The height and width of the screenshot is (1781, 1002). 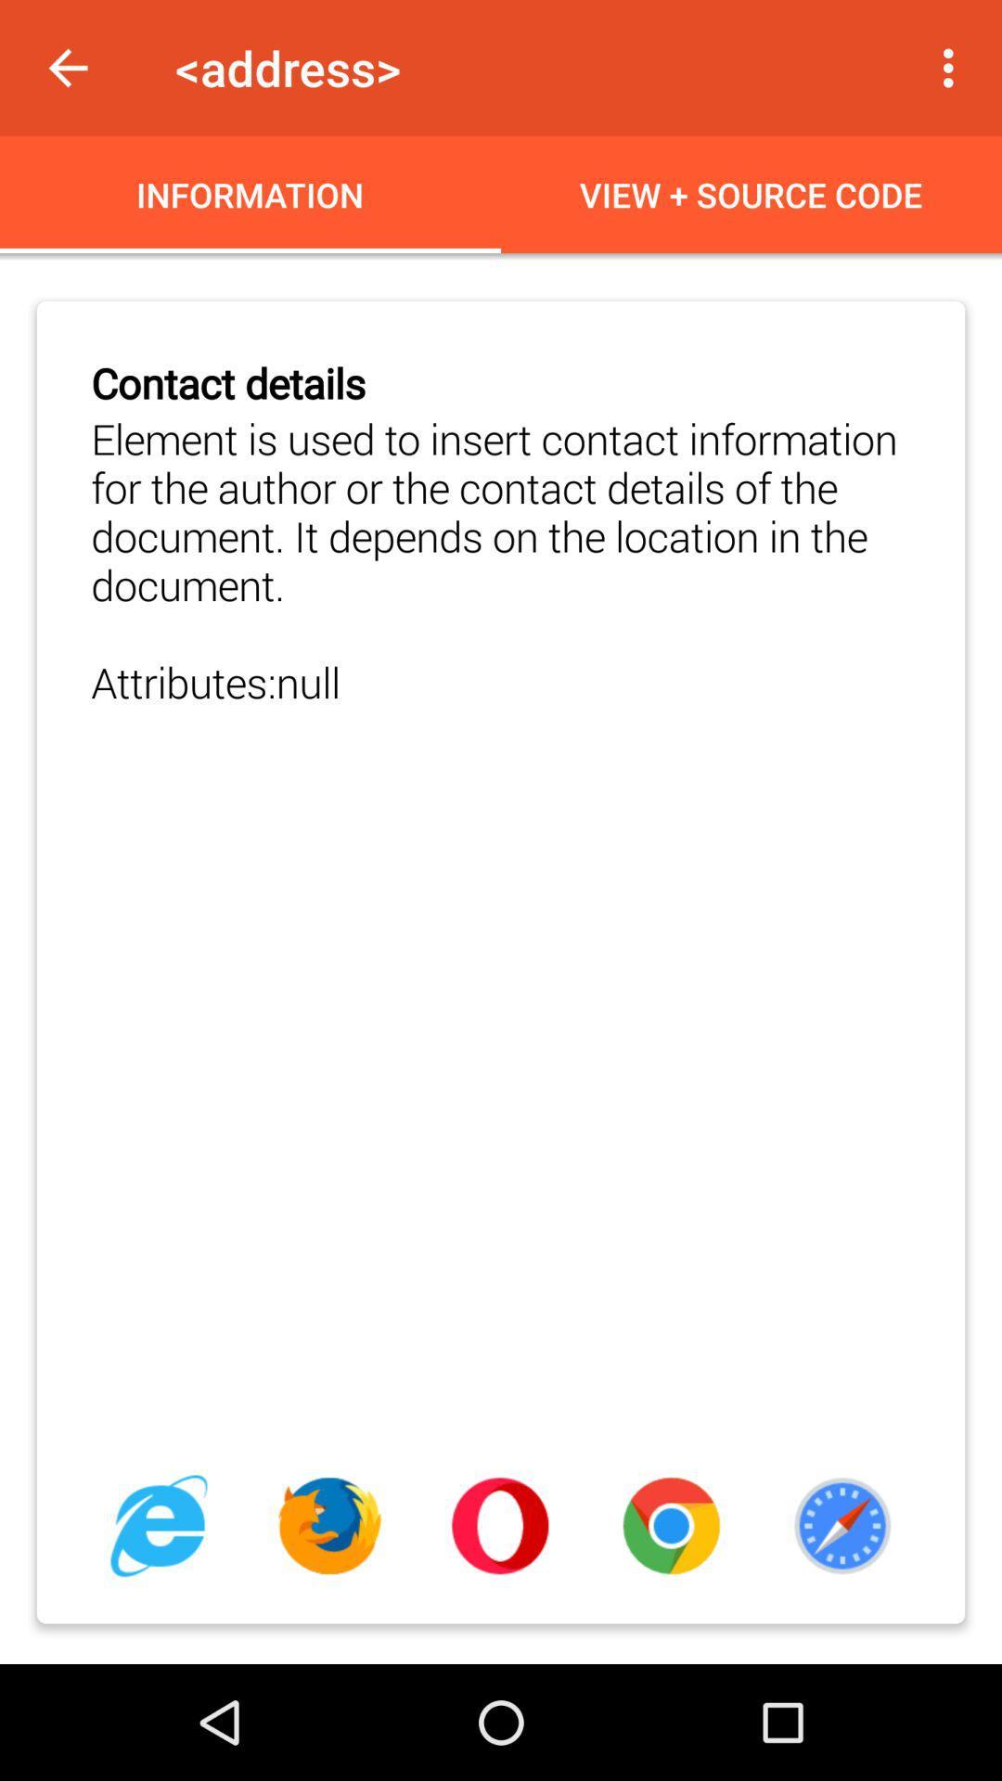 What do you see at coordinates (67, 68) in the screenshot?
I see `item to the left of the <address> app` at bounding box center [67, 68].